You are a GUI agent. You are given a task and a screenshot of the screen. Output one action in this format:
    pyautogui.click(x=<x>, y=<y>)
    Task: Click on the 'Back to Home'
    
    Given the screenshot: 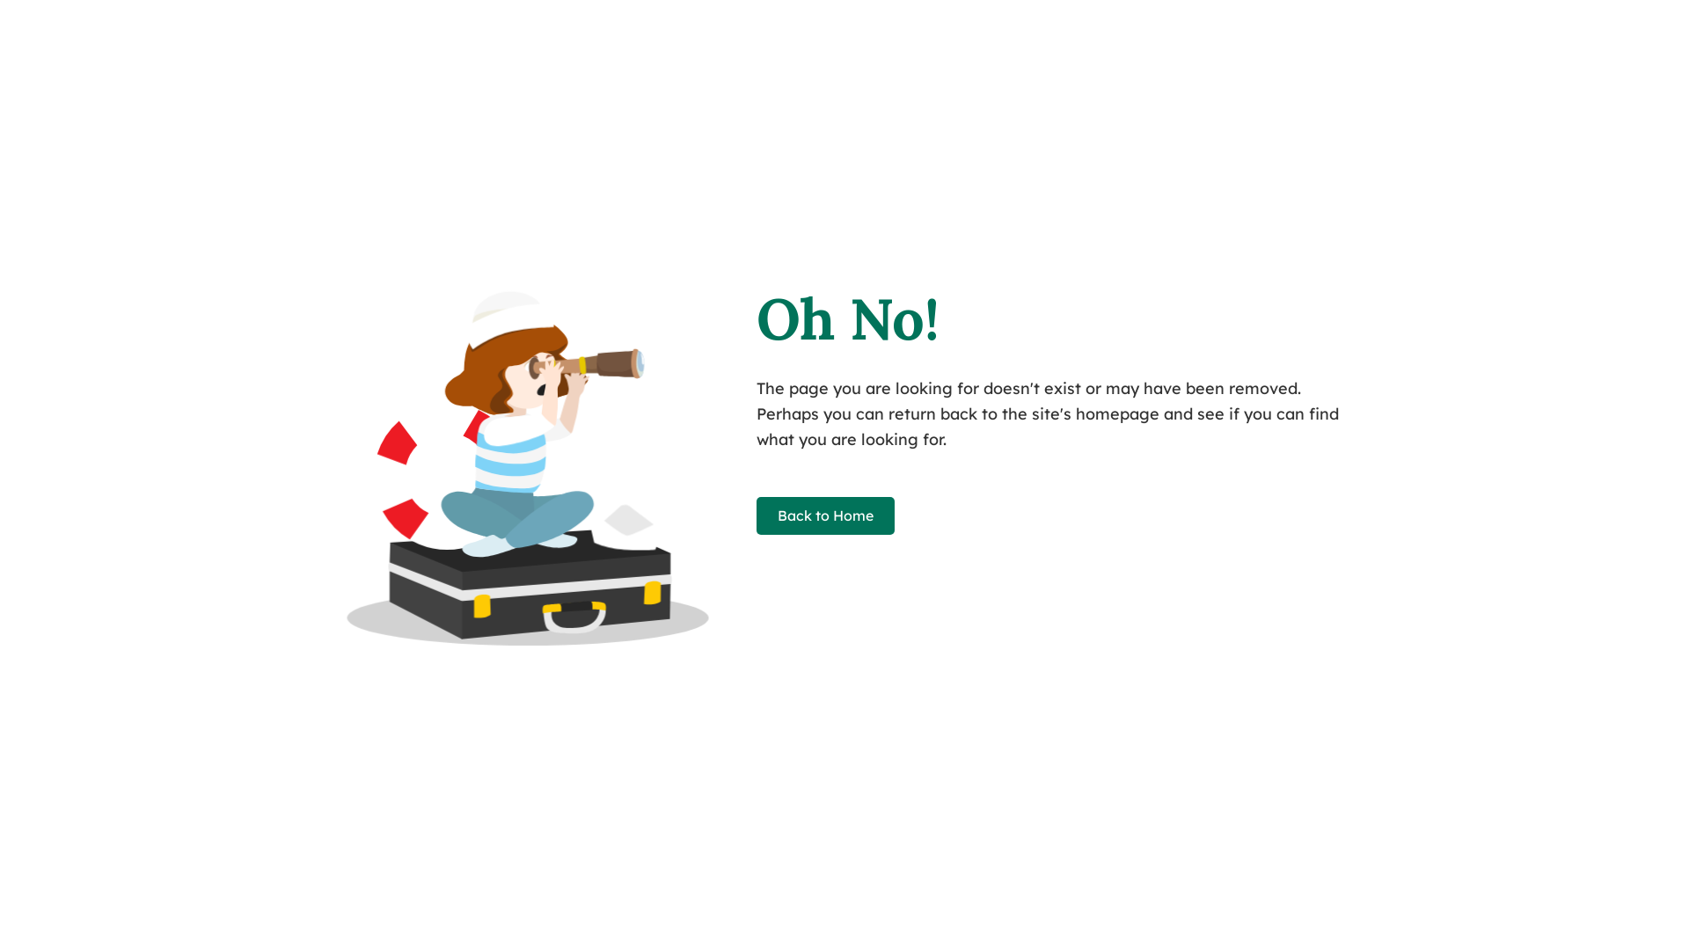 What is the action you would take?
    pyautogui.click(x=756, y=515)
    